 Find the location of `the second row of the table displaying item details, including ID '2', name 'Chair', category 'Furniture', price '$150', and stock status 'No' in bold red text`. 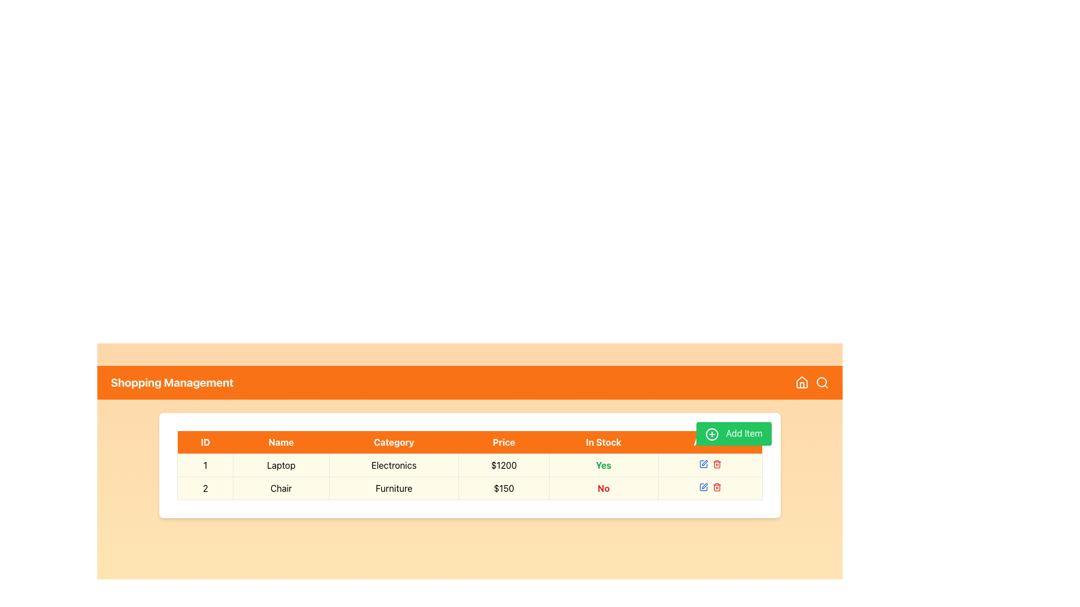

the second row of the table displaying item details, including ID '2', name 'Chair', category 'Furniture', price '$150', and stock status 'No' in bold red text is located at coordinates (470, 487).